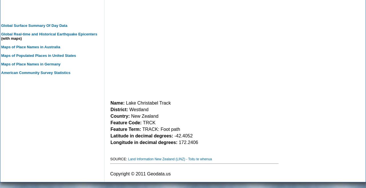 This screenshot has height=188, width=366. What do you see at coordinates (117, 102) in the screenshot?
I see `'Name:'` at bounding box center [117, 102].